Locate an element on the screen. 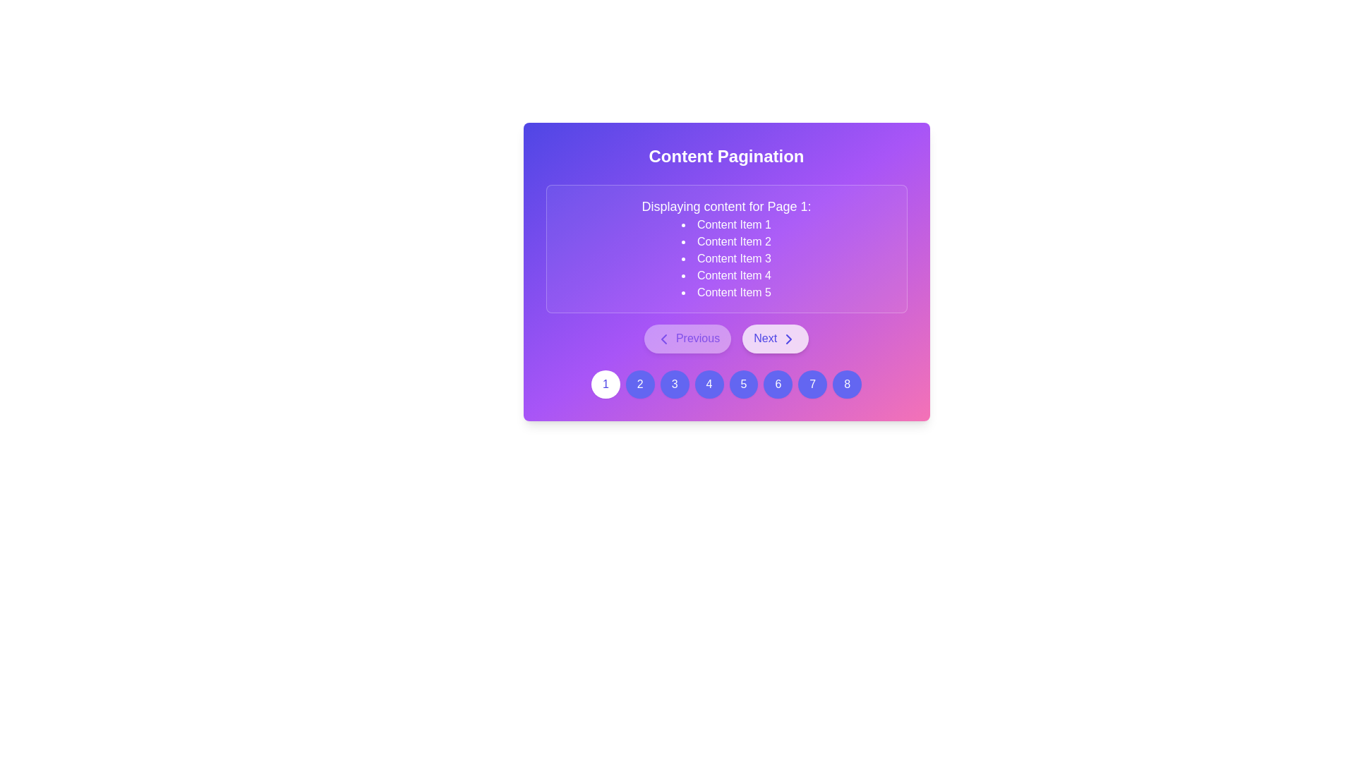  the 'Previous' button represented by the Chevron - Left icon in the pagination component, which is slightly left of center horizontally and positioned vertically within the previous navigation button is located at coordinates (663, 339).